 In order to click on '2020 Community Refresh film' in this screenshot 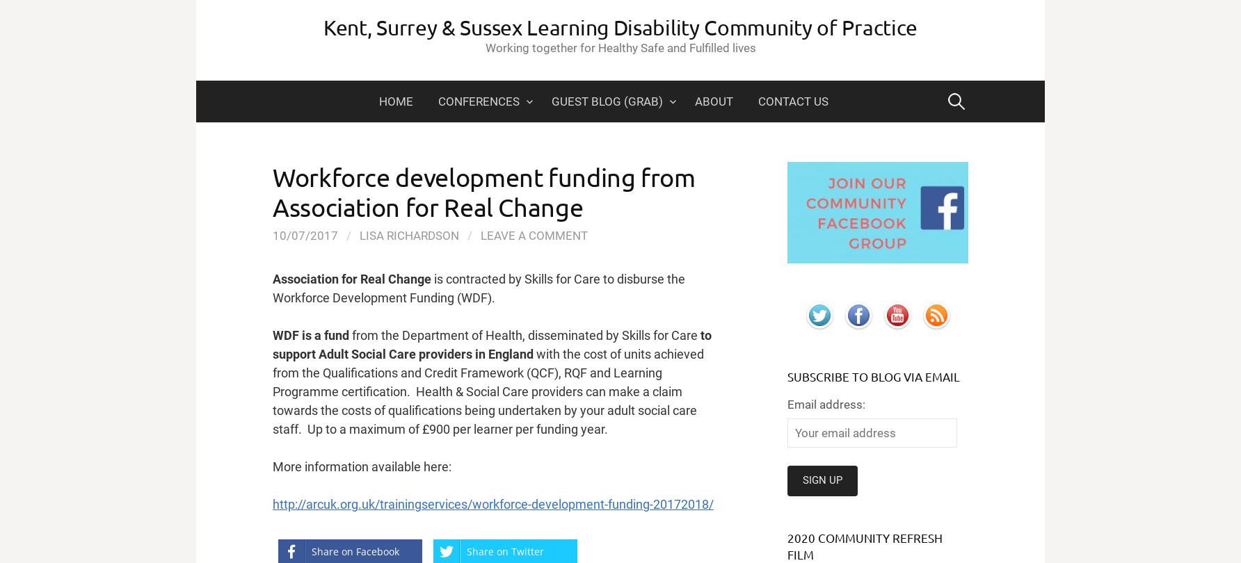, I will do `click(864, 544)`.